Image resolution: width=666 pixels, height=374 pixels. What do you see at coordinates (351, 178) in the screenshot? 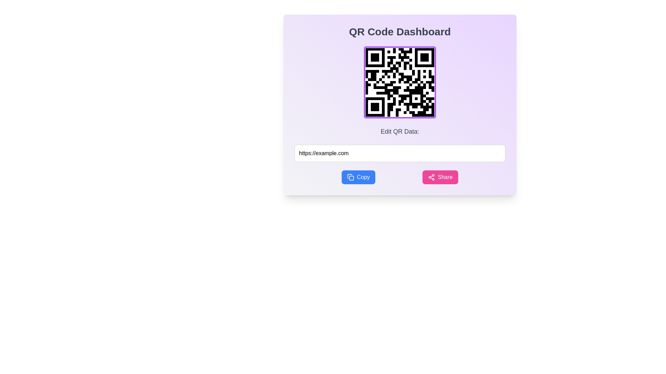
I see `the small blue square icon with rounded corners located to the left of the 'Copy' text inside the blue button at the bottom left of the card interface` at bounding box center [351, 178].